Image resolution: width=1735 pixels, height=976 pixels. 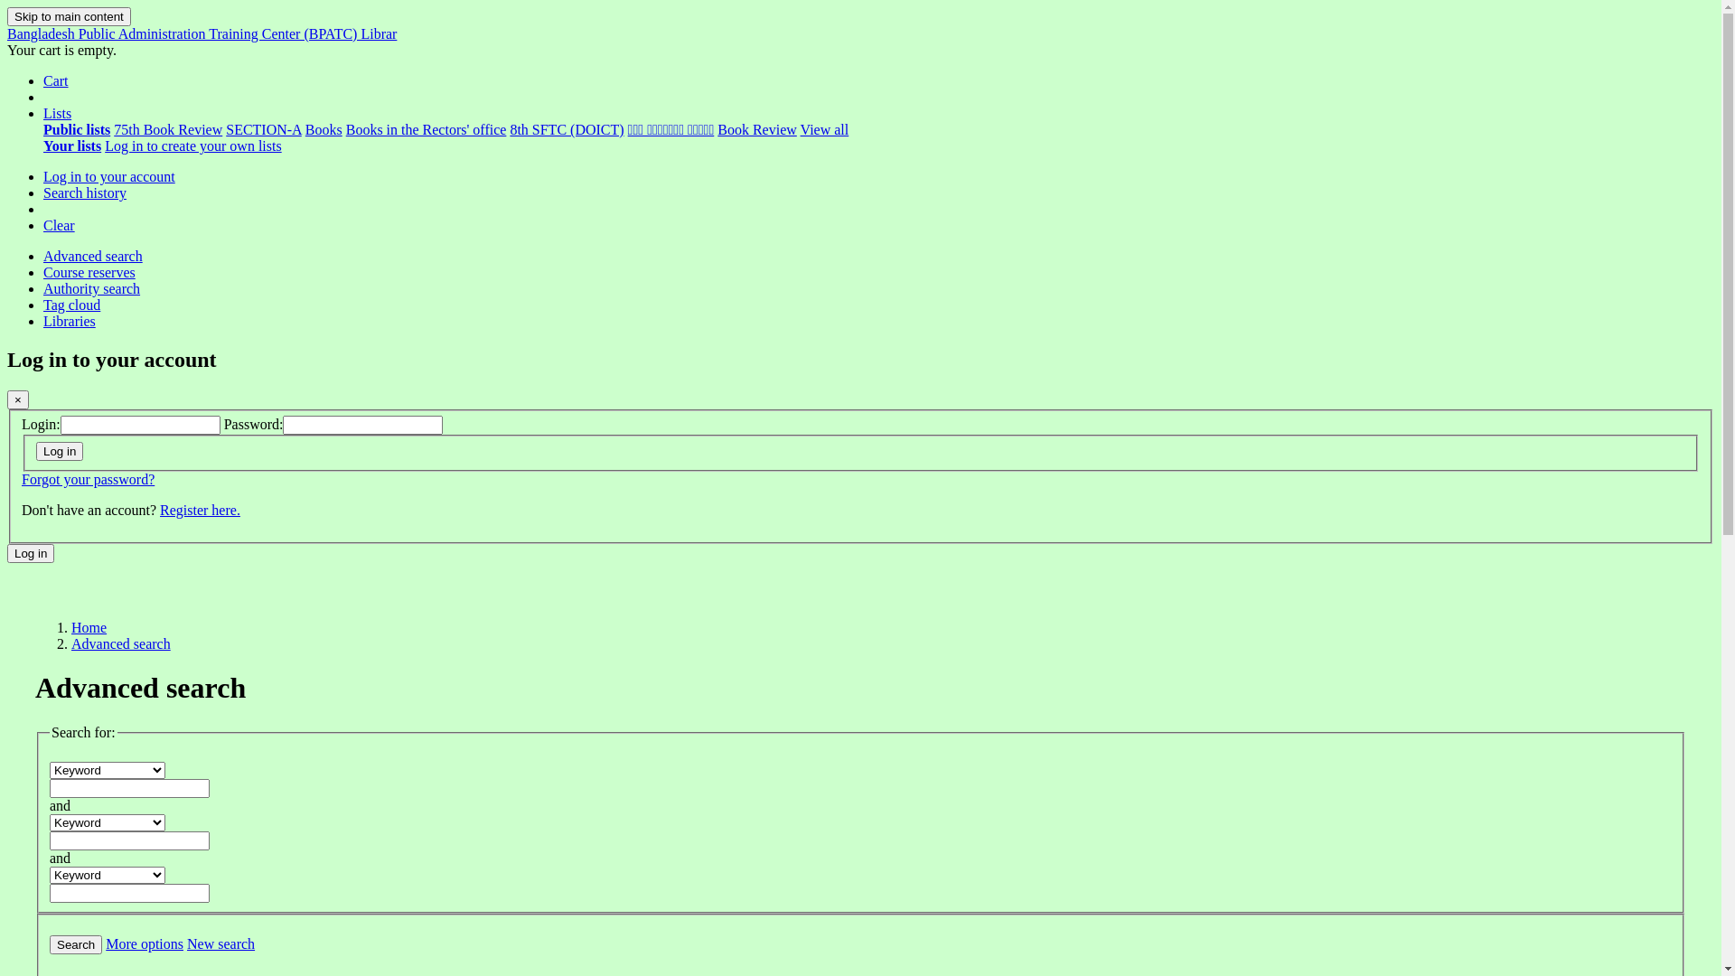 What do you see at coordinates (220, 943) in the screenshot?
I see `'New search'` at bounding box center [220, 943].